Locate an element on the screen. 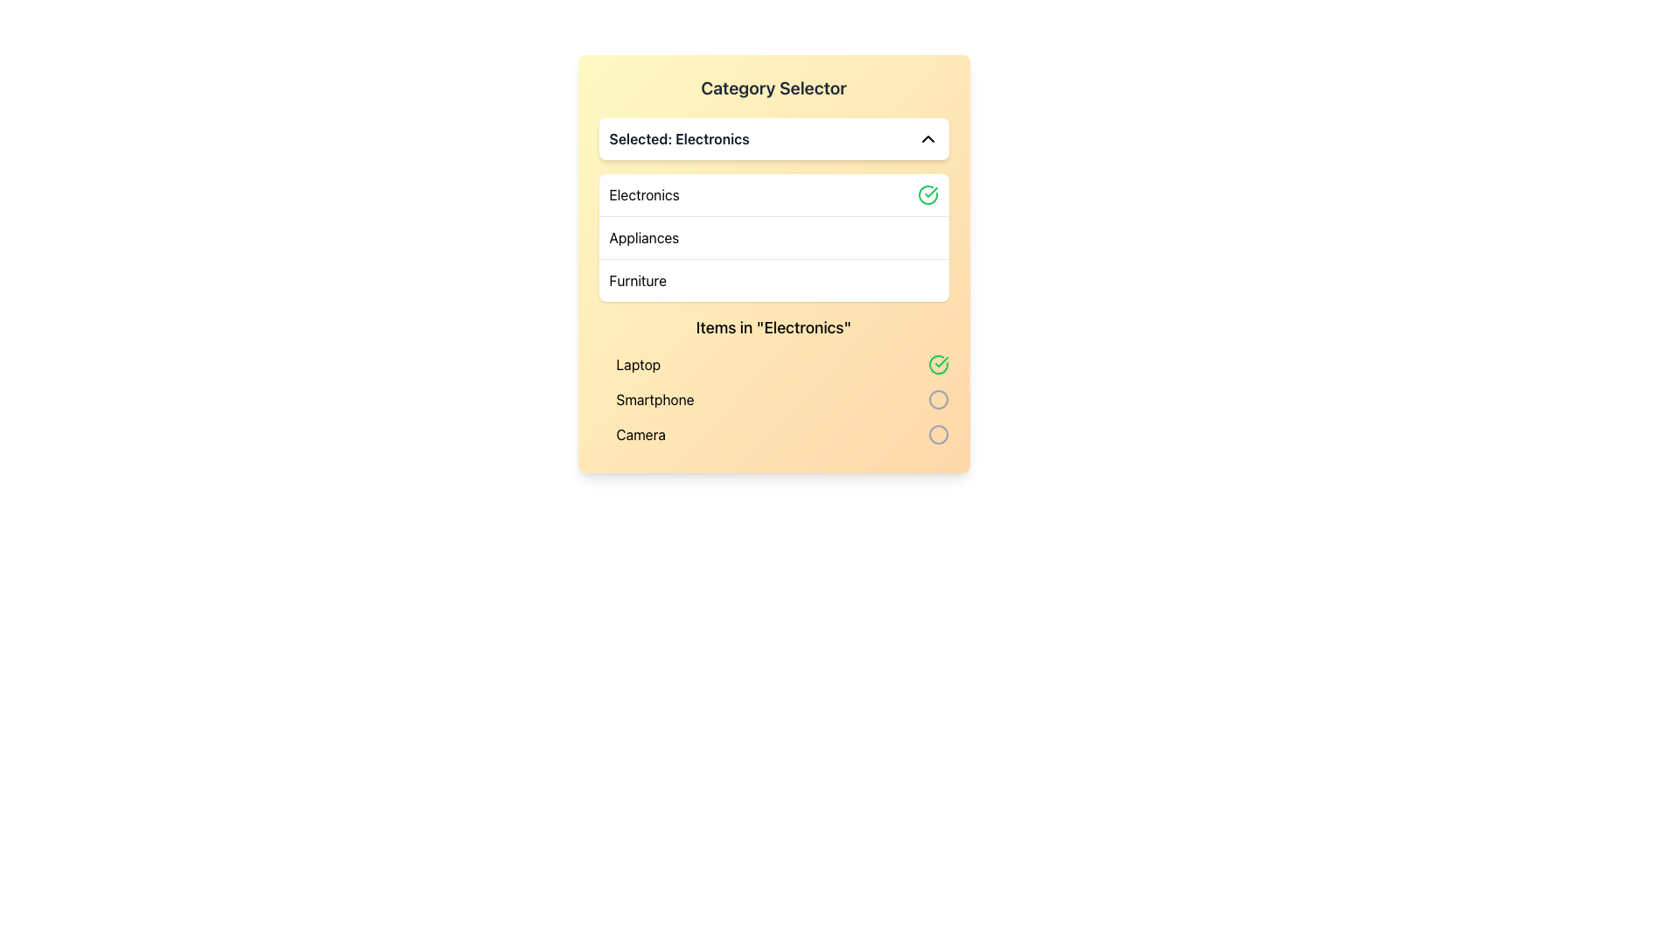 The height and width of the screenshot is (945, 1680). the circular icon located in the second row of the 'Items in "Electronics"' section, to the right of the 'Smartphone' label is located at coordinates (937, 399).